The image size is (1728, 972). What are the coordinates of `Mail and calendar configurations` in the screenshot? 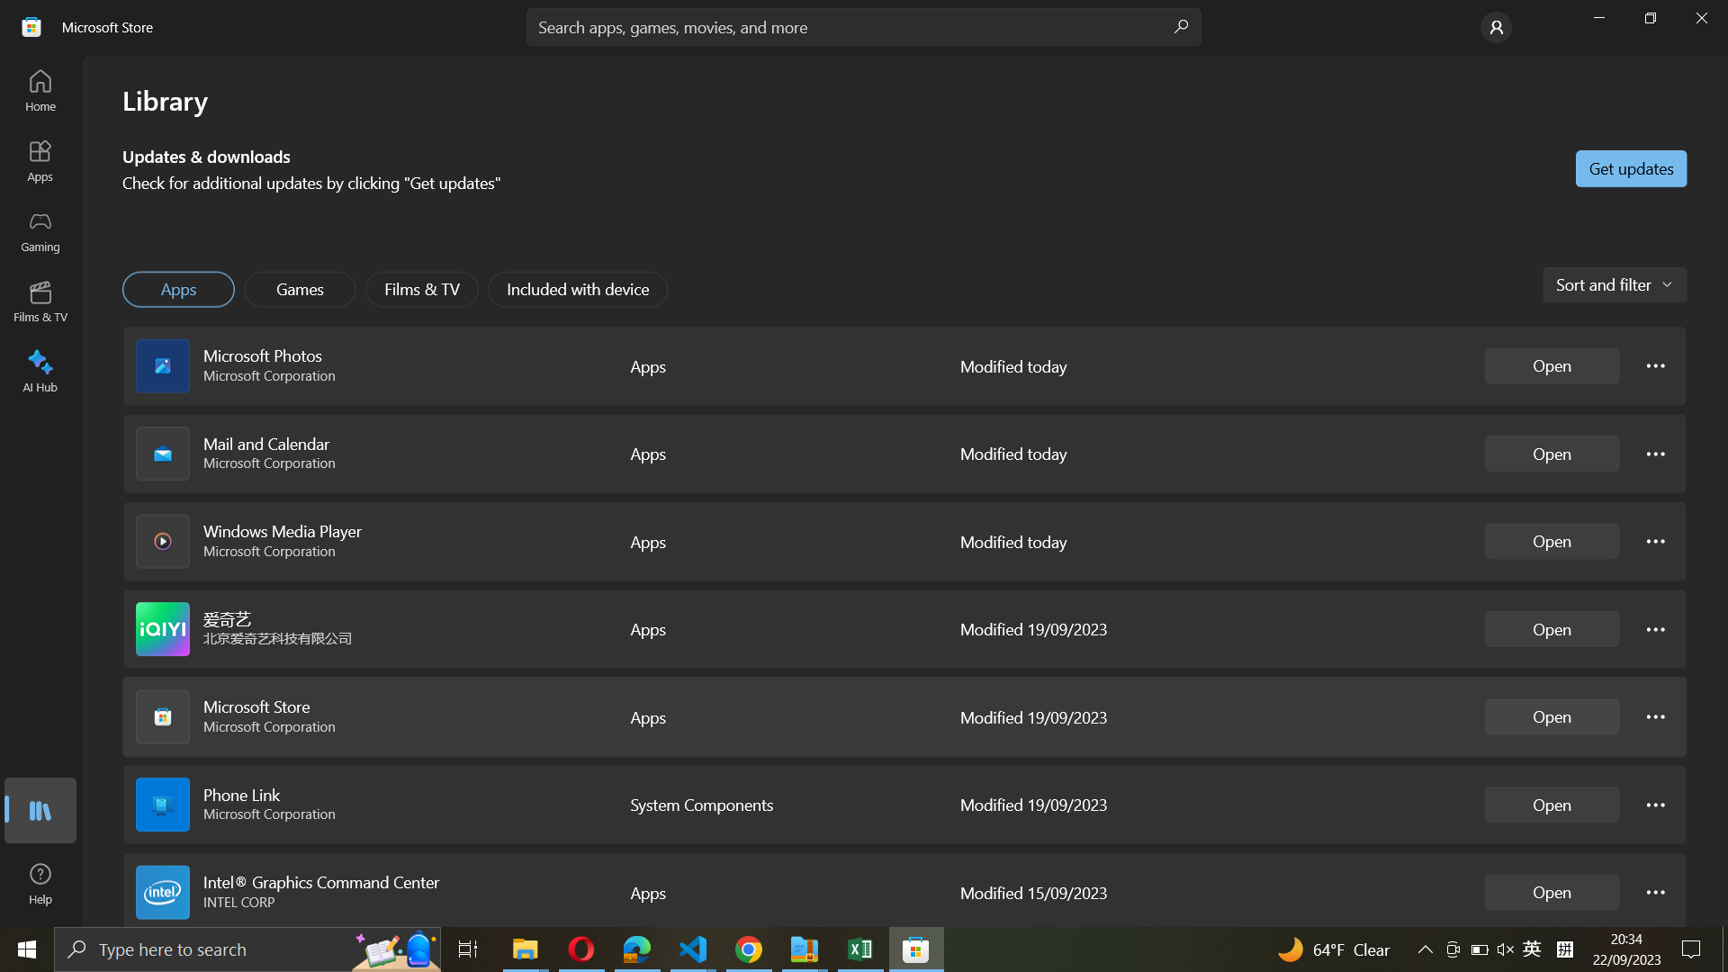 It's located at (1656, 450).